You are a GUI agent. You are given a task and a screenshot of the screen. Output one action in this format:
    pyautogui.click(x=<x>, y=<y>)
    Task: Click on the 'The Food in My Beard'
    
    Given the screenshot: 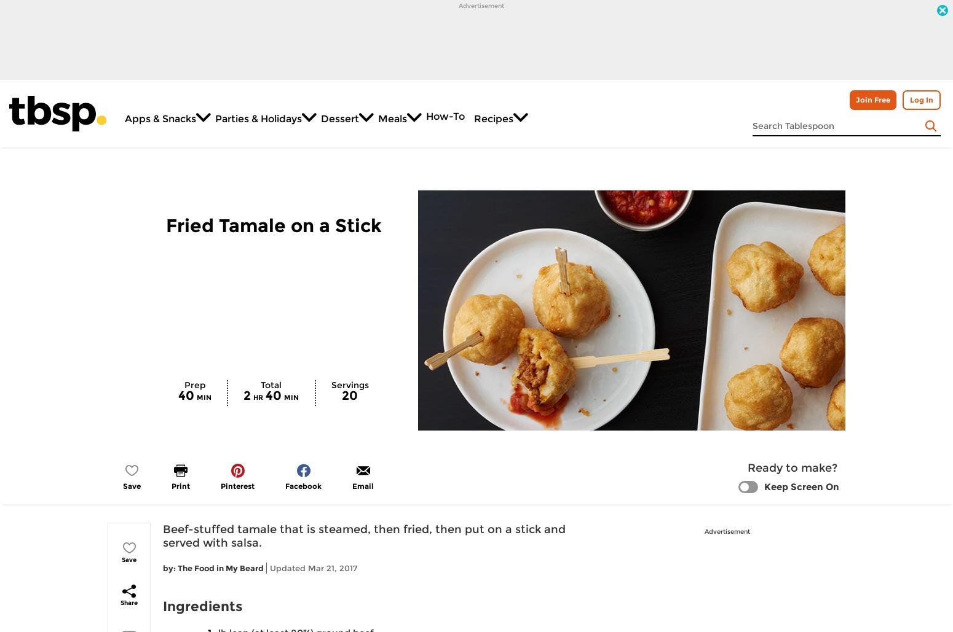 What is the action you would take?
    pyautogui.click(x=219, y=568)
    